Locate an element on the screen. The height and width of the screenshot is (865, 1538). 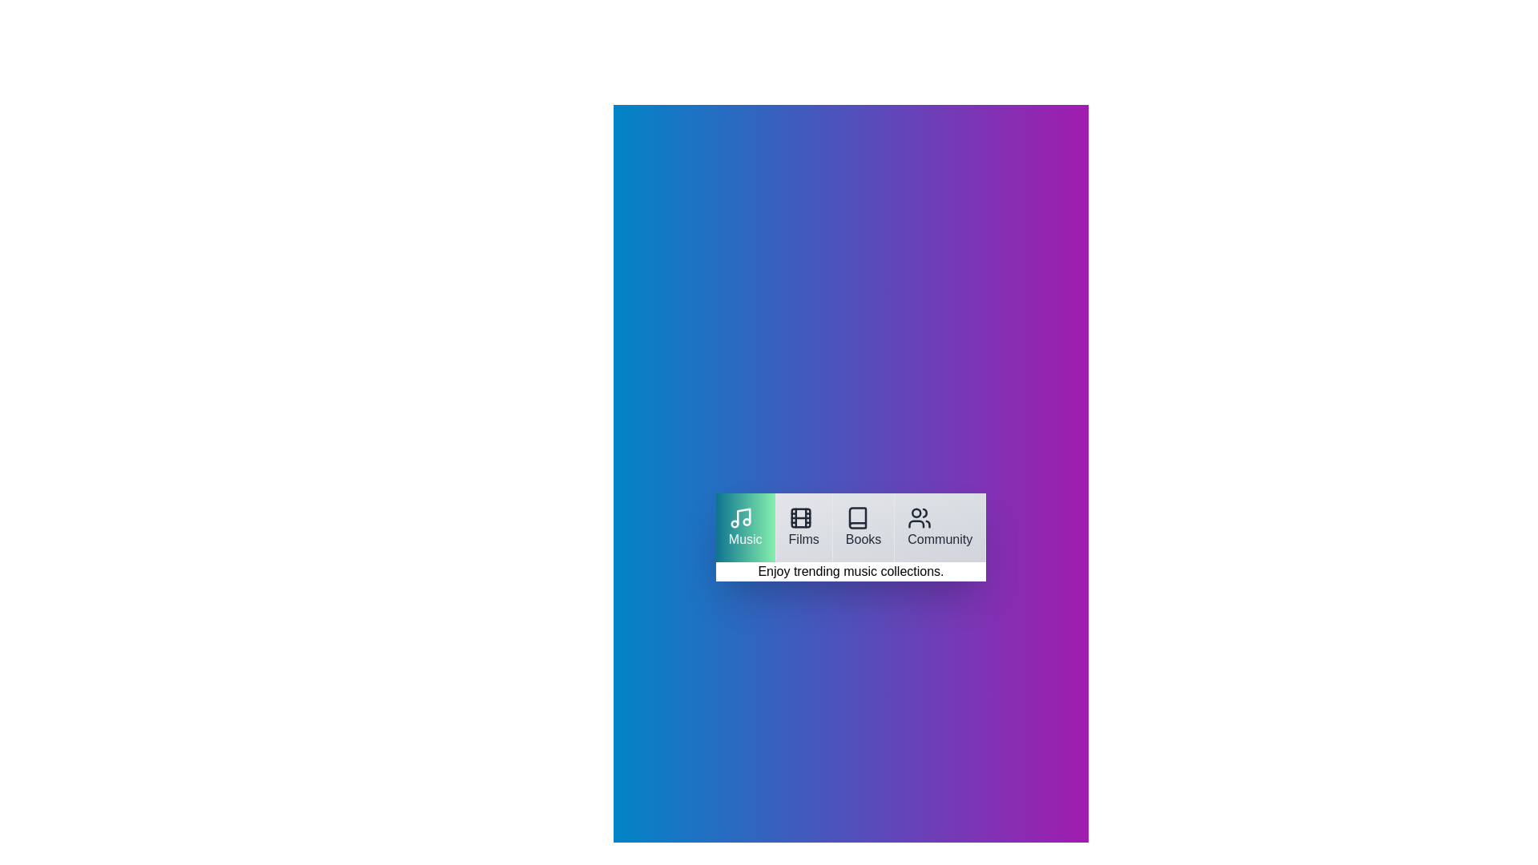
the 'Community' label in the horizontal navigation bar, which is positioned to the right of the 'Books' section is located at coordinates (940, 539).